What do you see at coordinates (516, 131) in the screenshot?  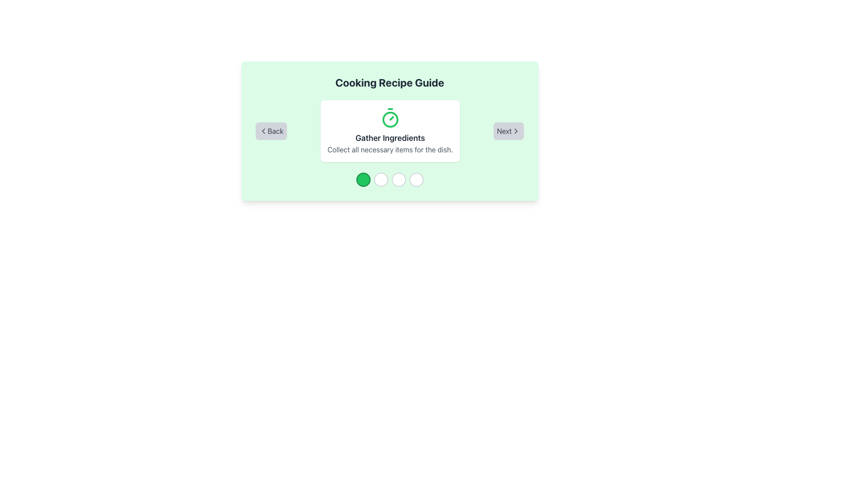 I see `the right-pointing chevron SVG icon indicating navigation to the next step or page, located to the right of the 'Next' text within its button` at bounding box center [516, 131].